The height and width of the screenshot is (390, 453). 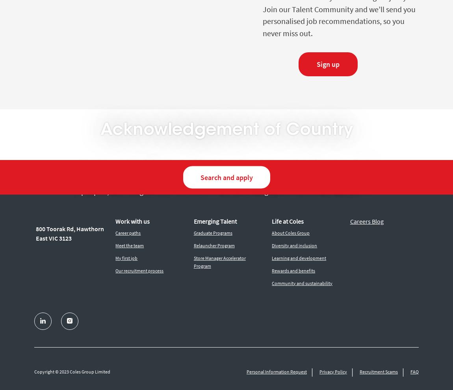 I want to click on 'Privacy Policy', so click(x=333, y=371).